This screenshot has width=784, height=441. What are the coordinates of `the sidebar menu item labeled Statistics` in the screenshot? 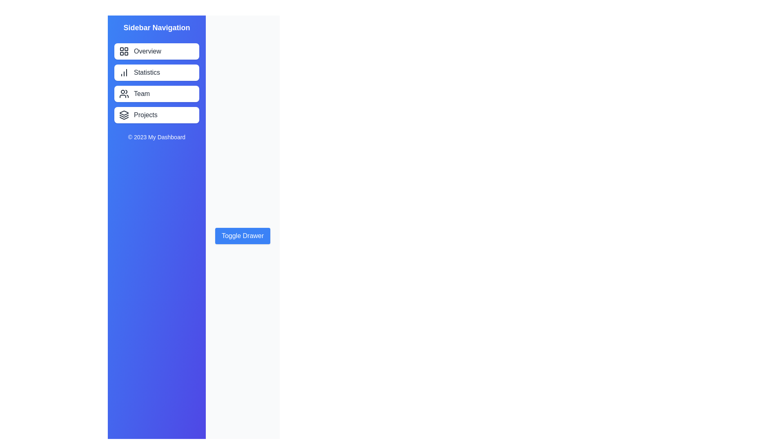 It's located at (157, 72).